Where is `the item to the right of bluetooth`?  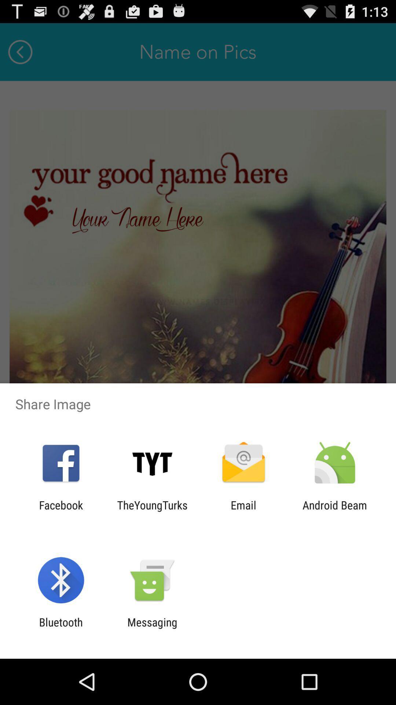
the item to the right of bluetooth is located at coordinates (152, 628).